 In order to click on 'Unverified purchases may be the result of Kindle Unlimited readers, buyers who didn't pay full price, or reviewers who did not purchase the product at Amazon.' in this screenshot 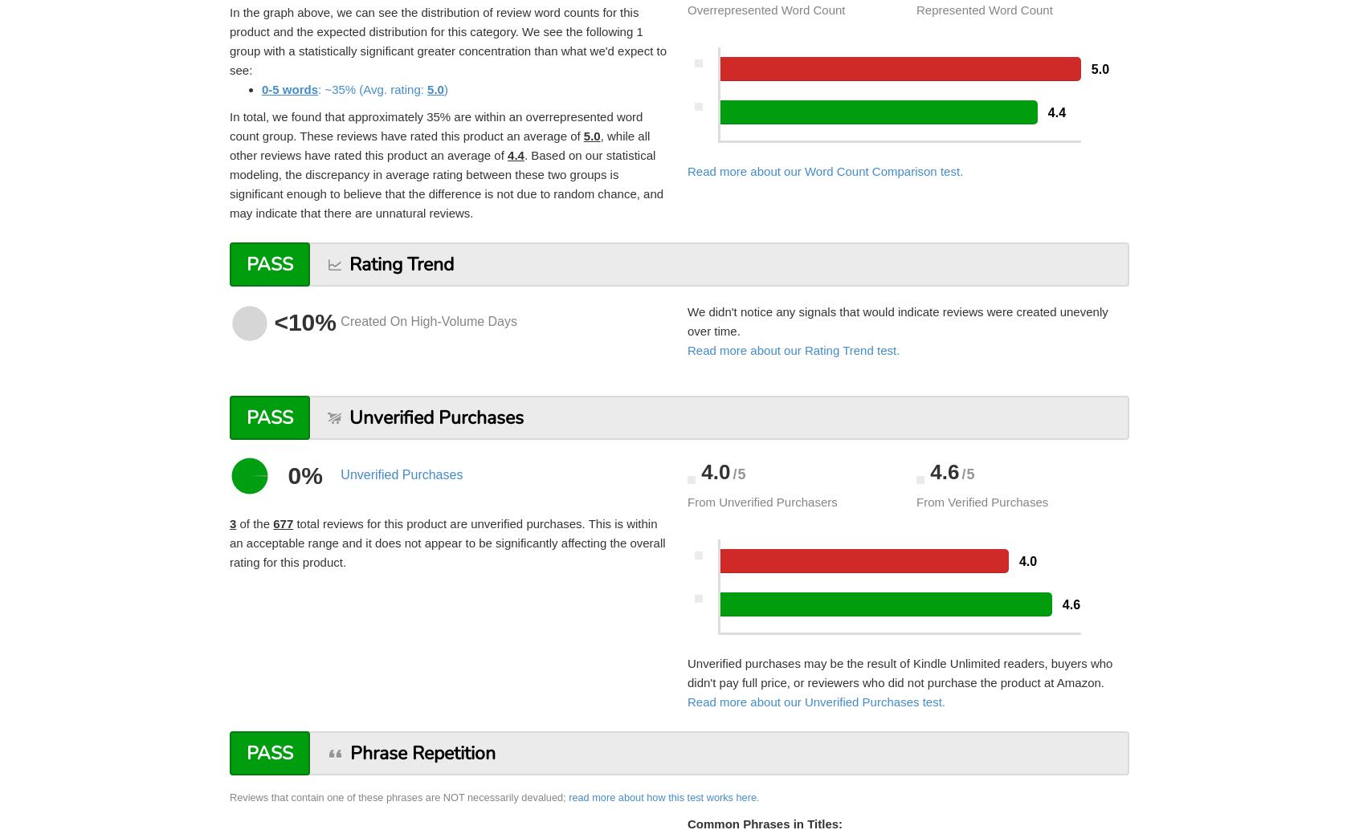, I will do `click(900, 672)`.